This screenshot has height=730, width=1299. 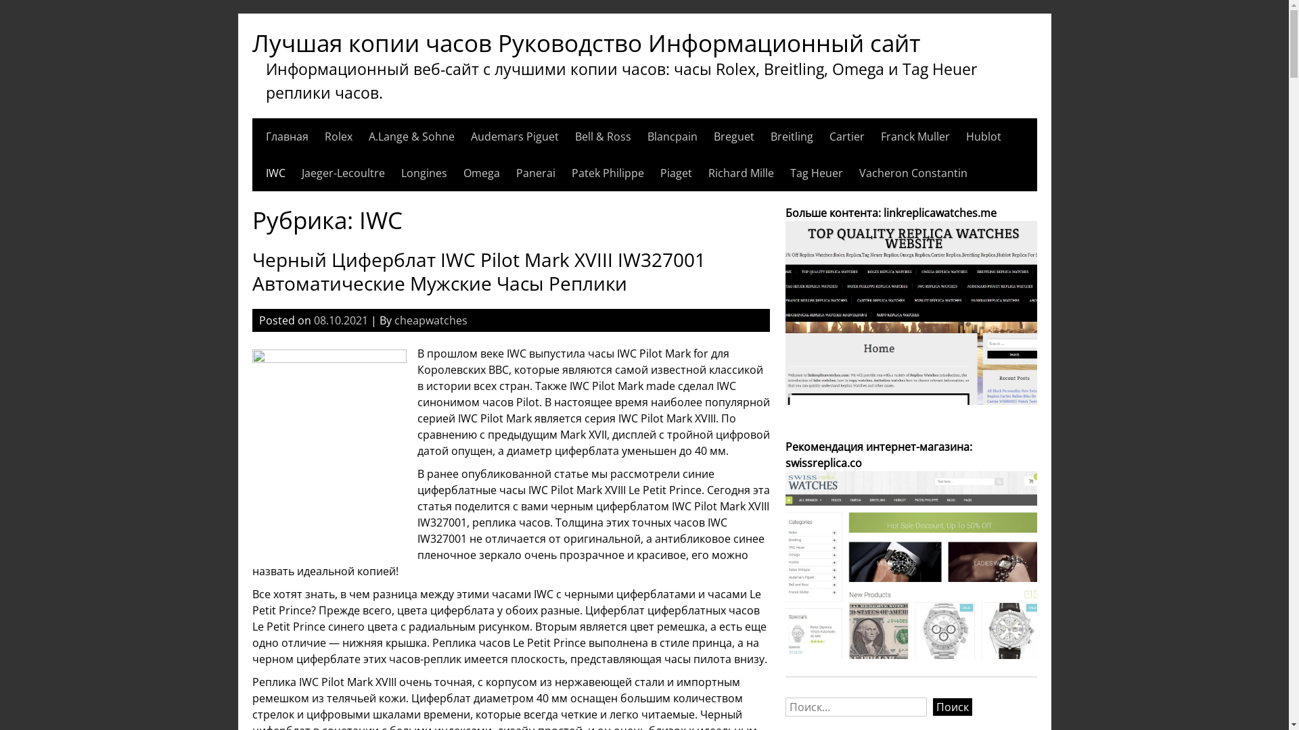 I want to click on 'Hublot', so click(x=984, y=136).